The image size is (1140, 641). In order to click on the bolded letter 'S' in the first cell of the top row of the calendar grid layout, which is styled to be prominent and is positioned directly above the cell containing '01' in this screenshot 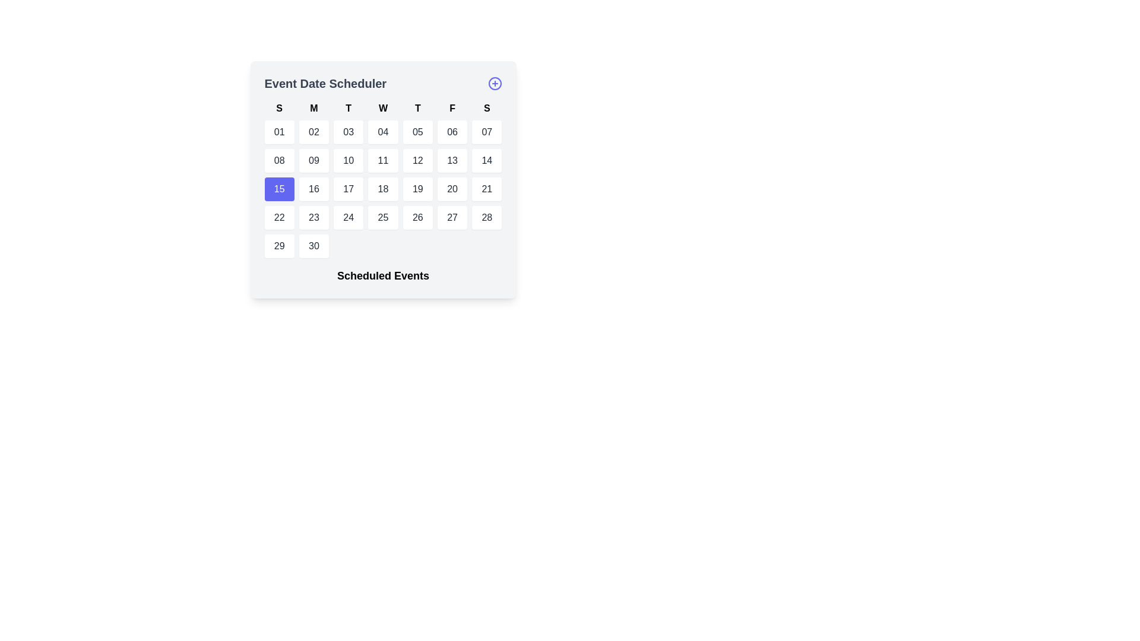, I will do `click(278, 108)`.